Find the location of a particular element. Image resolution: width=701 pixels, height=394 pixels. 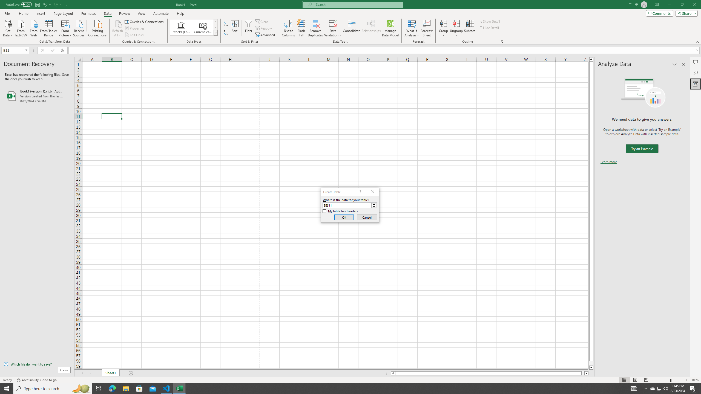

'Search' is located at coordinates (695, 73).